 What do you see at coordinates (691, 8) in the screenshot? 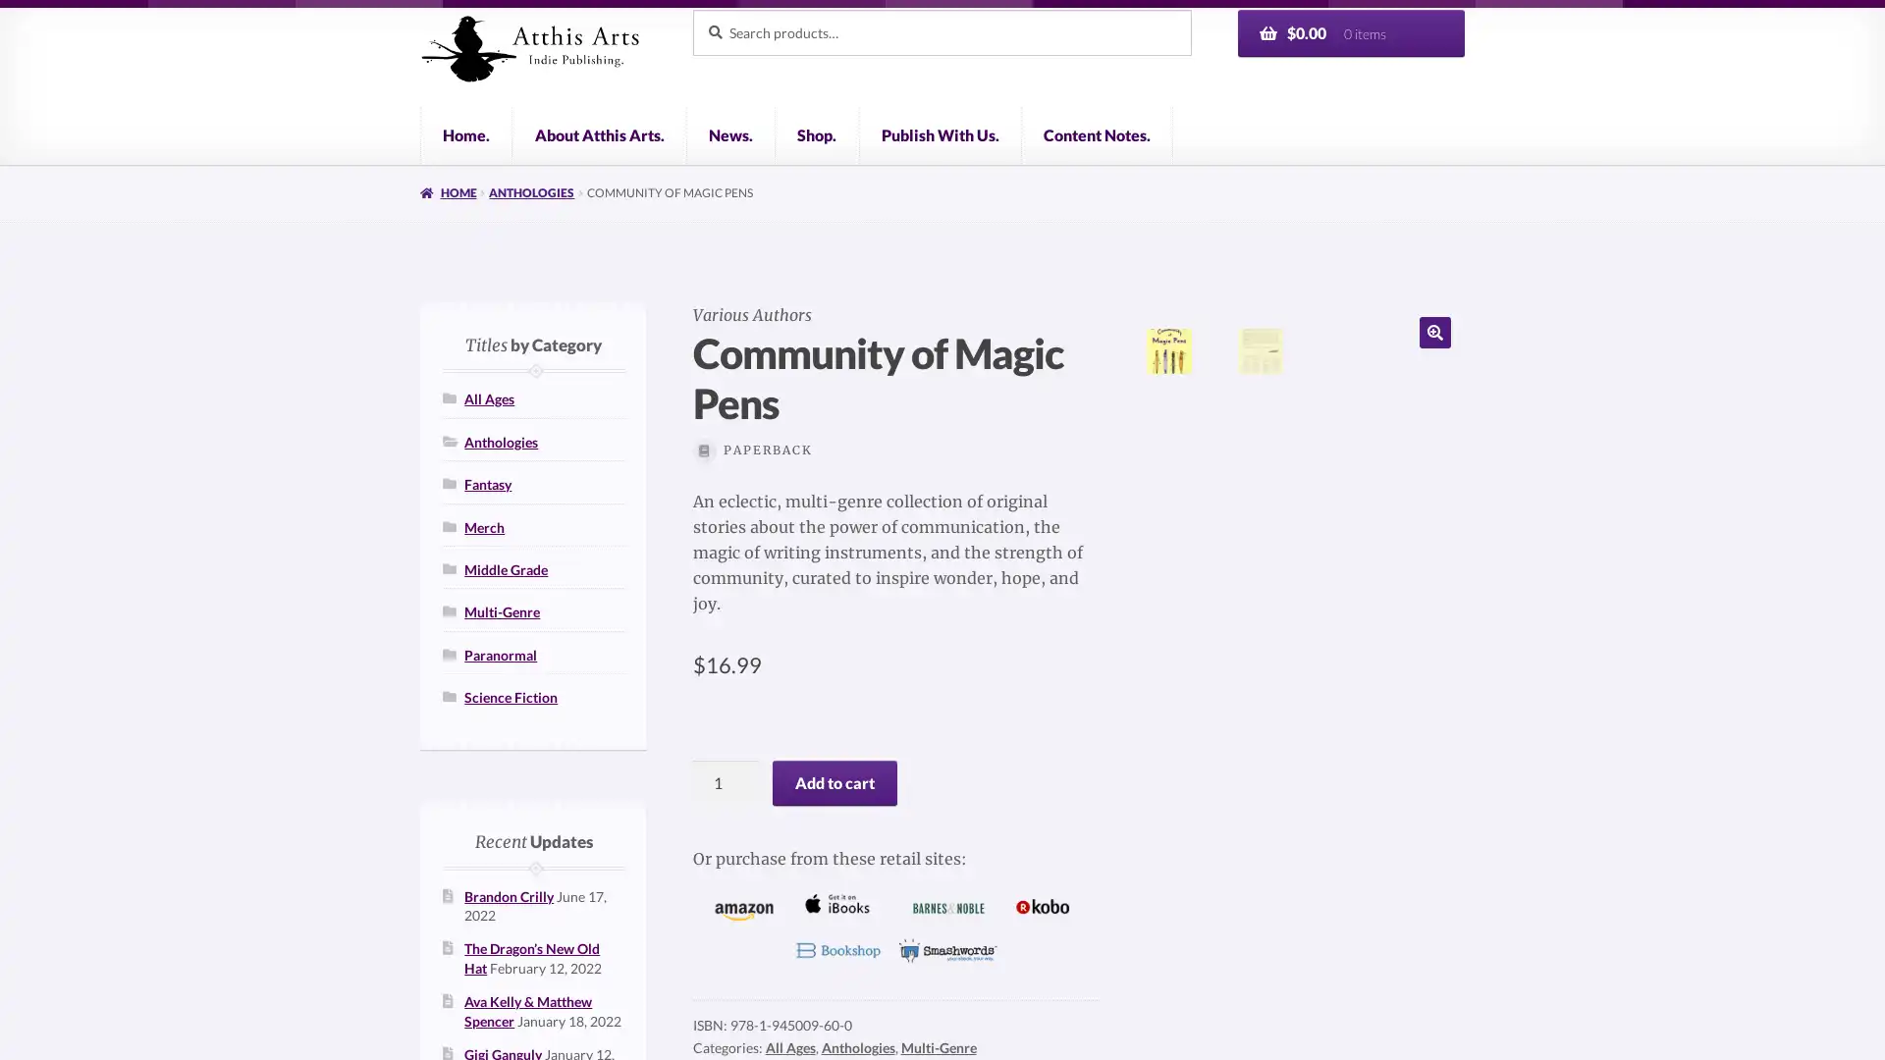
I see `Search` at bounding box center [691, 8].